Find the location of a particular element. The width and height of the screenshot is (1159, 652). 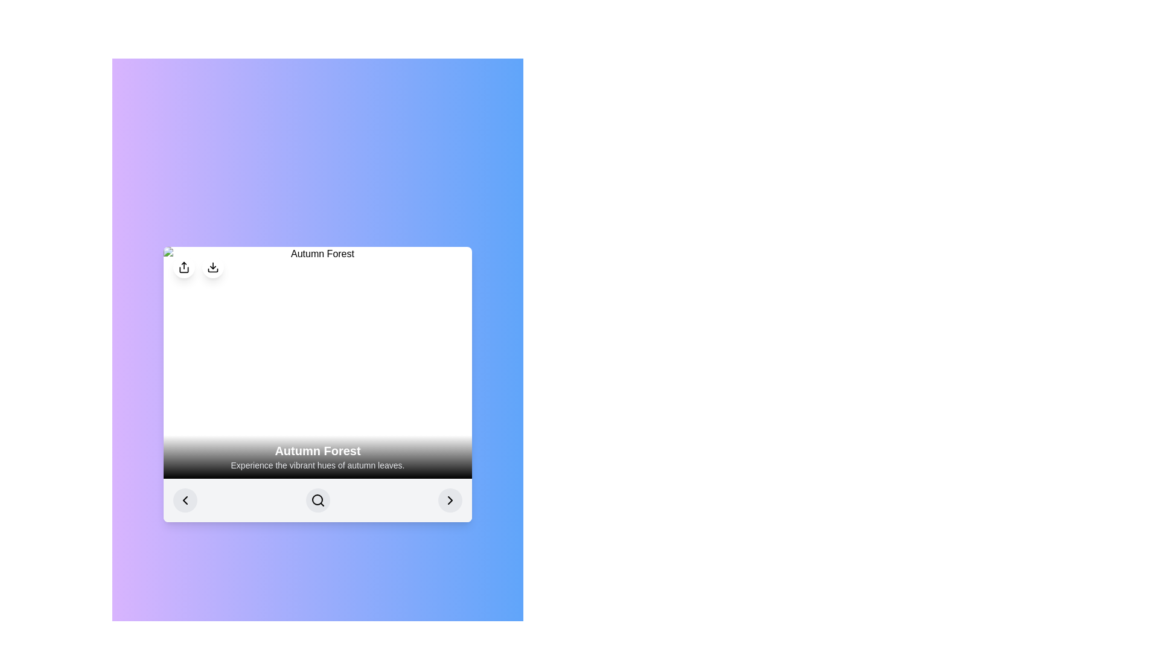

text content of the 'Autumn Forest' title located at the bottom section of the interface, which serves as the main label for the associated content is located at coordinates (318, 451).